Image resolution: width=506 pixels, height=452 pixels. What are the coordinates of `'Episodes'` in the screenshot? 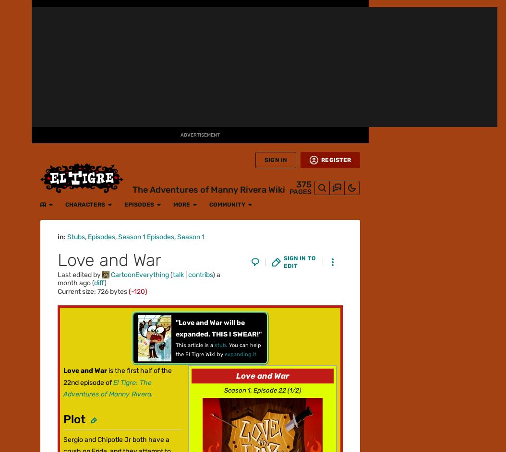 It's located at (127, 10).